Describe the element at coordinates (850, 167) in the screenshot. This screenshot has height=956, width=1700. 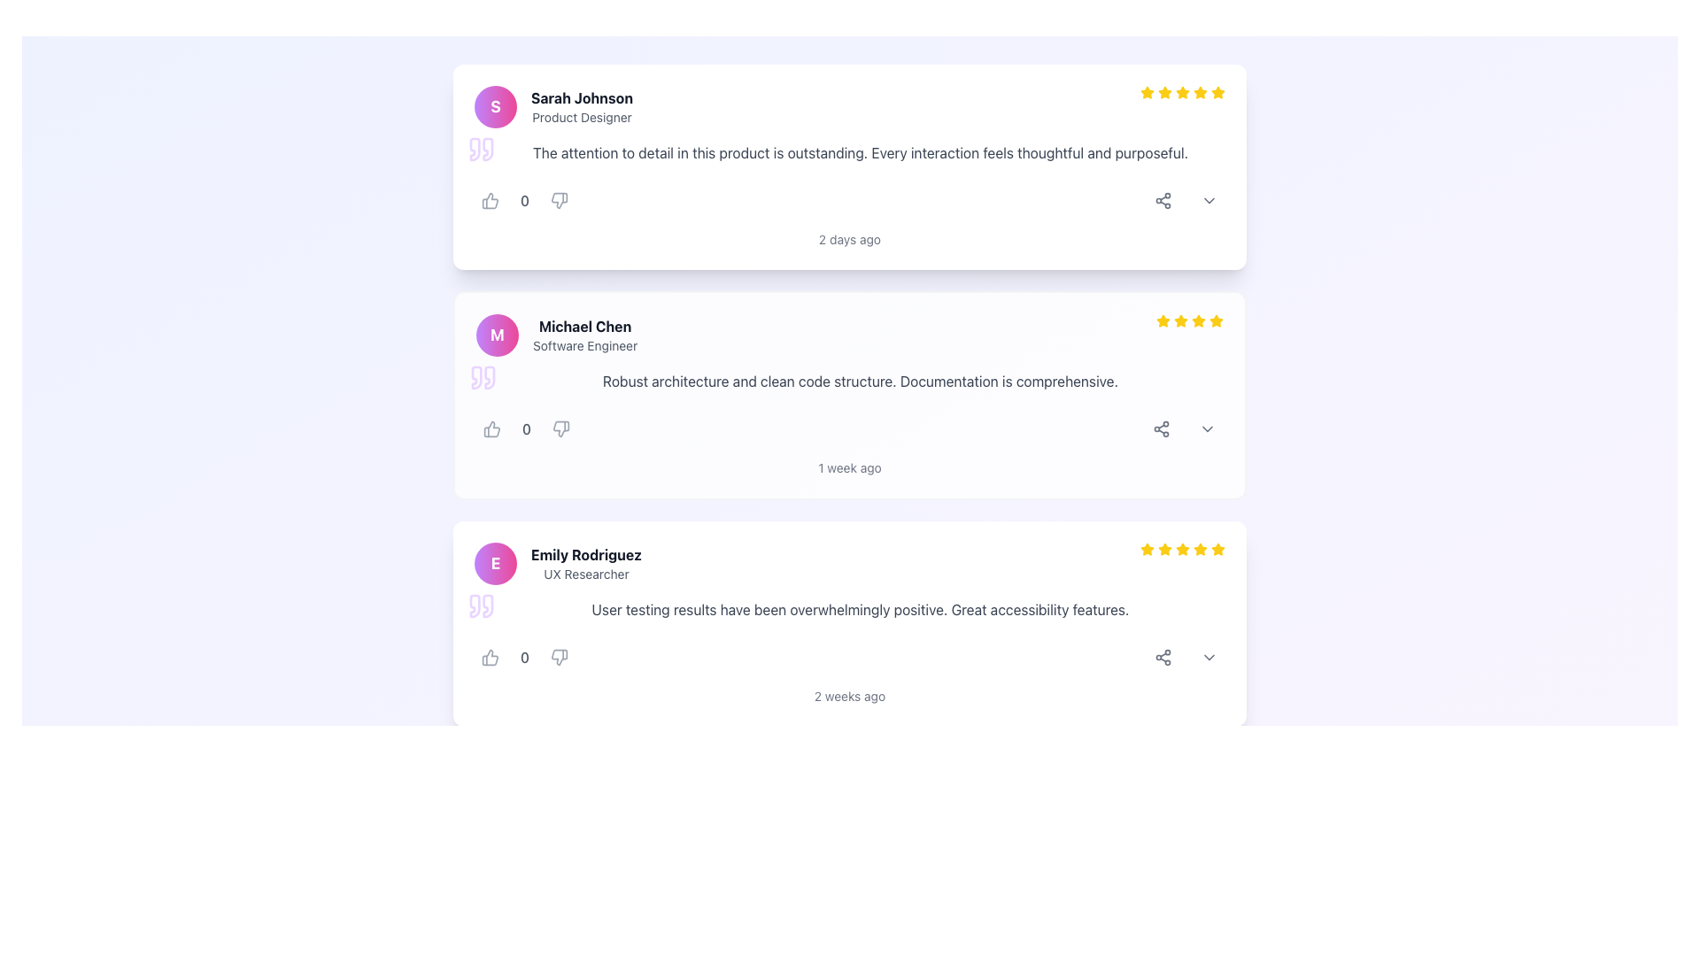
I see `the first review card in the vertically arranged list of feedback cards, which is located at the top position` at that location.